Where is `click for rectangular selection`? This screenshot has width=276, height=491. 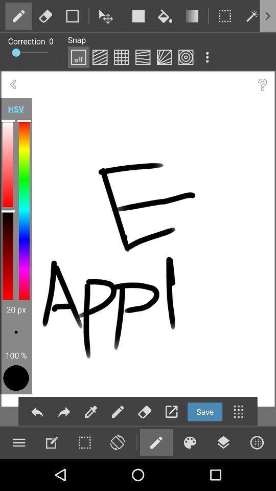
click for rectangular selection is located at coordinates (225, 15).